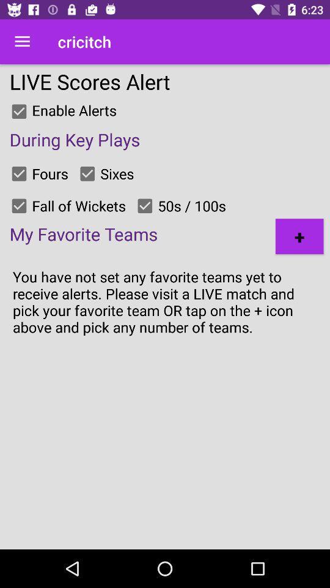  Describe the element at coordinates (145, 206) in the screenshot. I see `this option` at that location.